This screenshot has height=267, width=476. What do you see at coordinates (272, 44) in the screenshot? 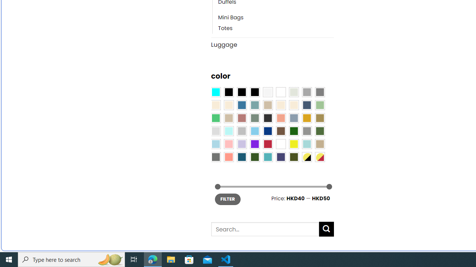
I see `'Luggage'` at bounding box center [272, 44].